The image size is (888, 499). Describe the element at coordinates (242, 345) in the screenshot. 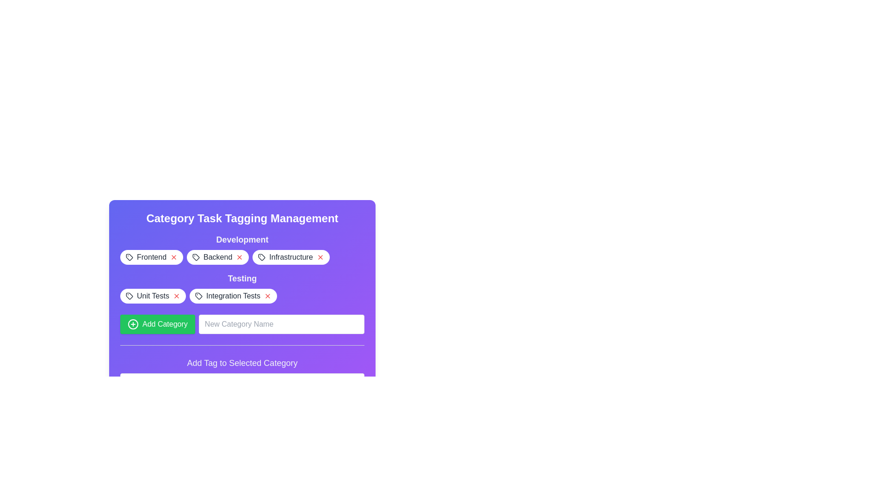

I see `the horizontal separator line with a gray border, positioned below the 'Add Category' input field and above the 'Add Tag to Selected Category' text` at that location.